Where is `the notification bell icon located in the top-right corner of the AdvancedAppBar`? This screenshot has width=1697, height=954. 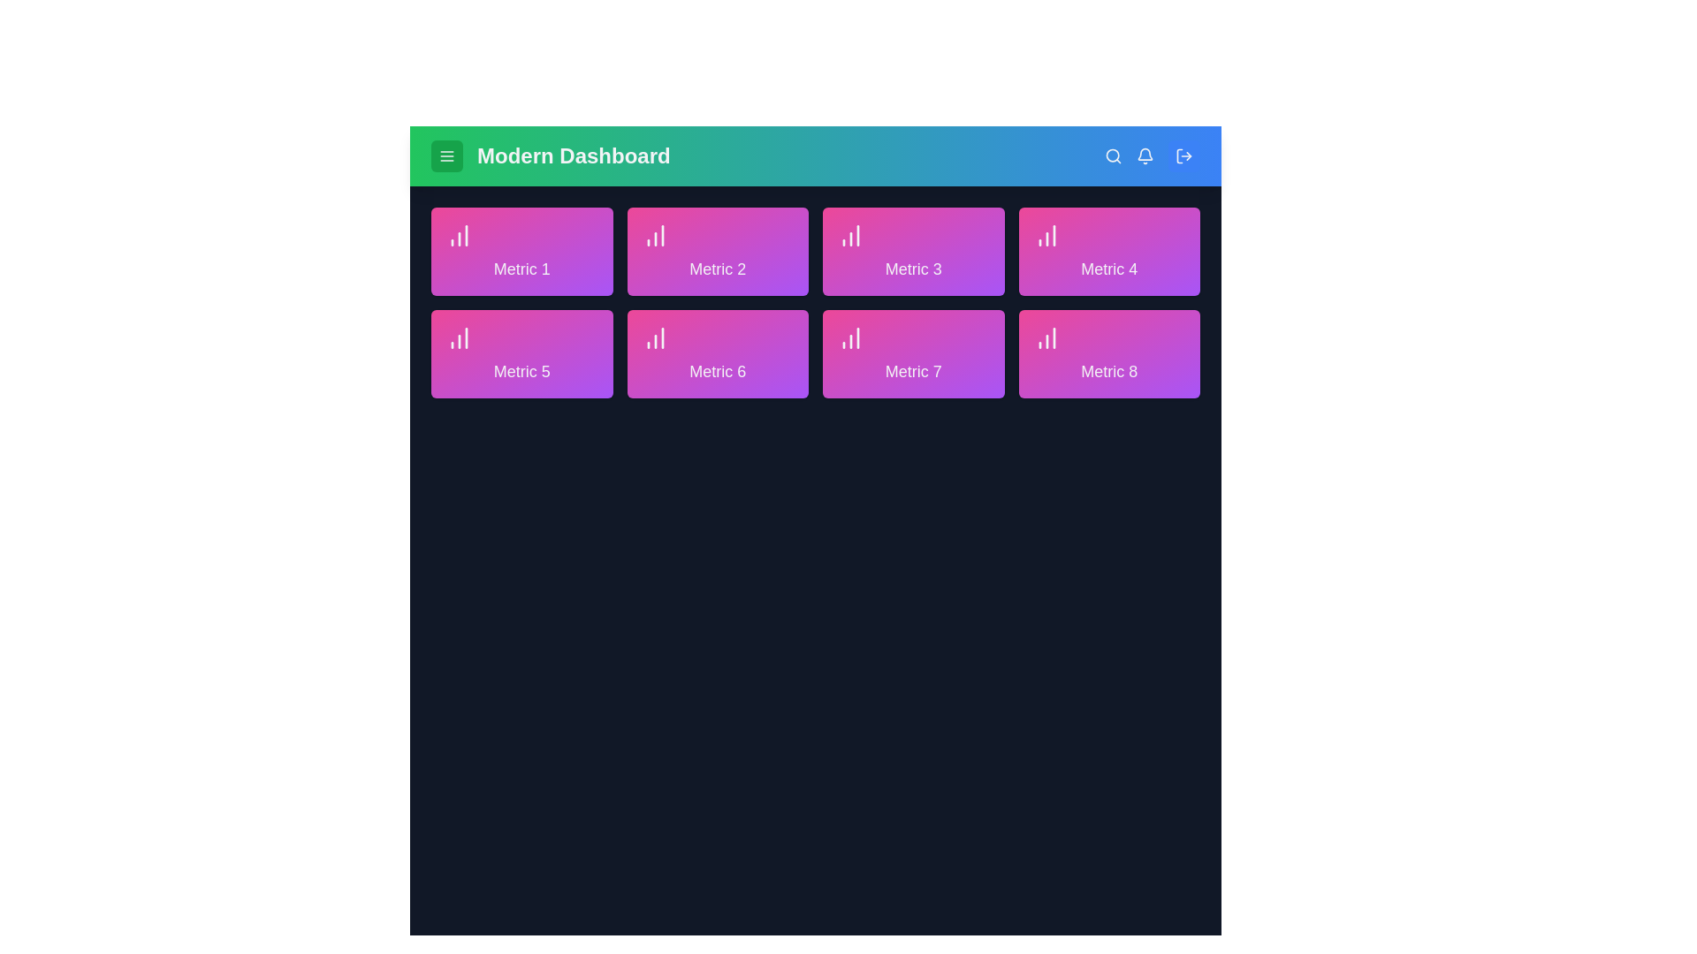
the notification bell icon located in the top-right corner of the AdvancedAppBar is located at coordinates (1145, 155).